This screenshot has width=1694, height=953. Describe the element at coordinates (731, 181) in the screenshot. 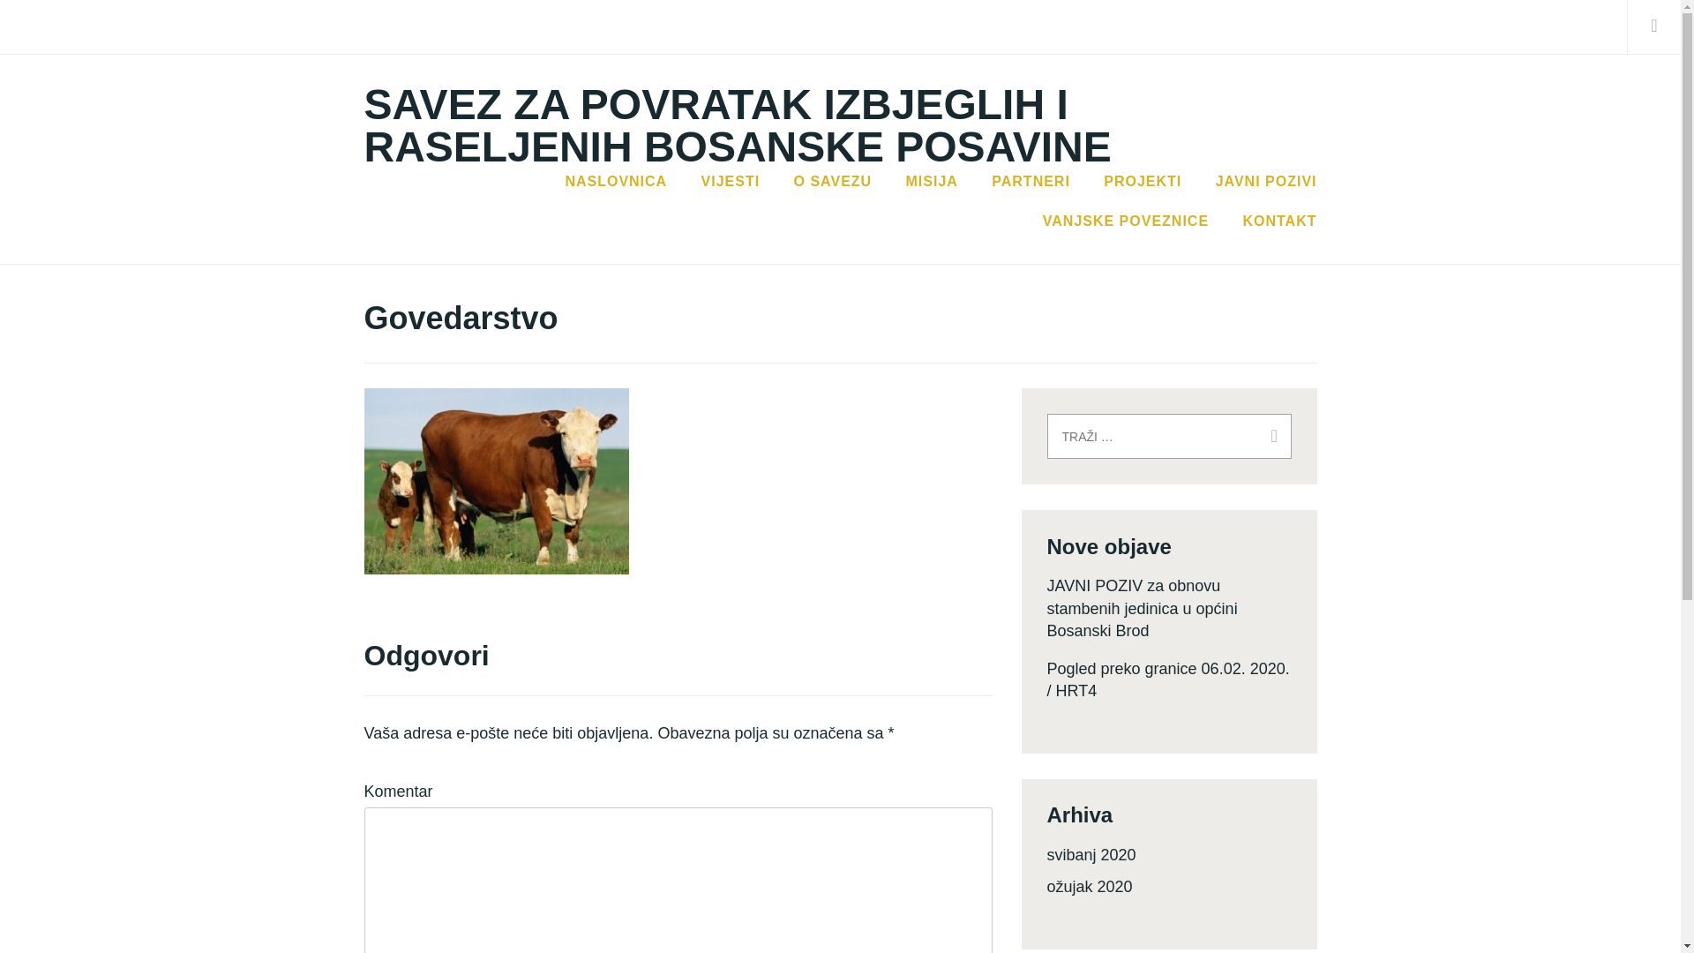

I see `'VIJESTI'` at that location.